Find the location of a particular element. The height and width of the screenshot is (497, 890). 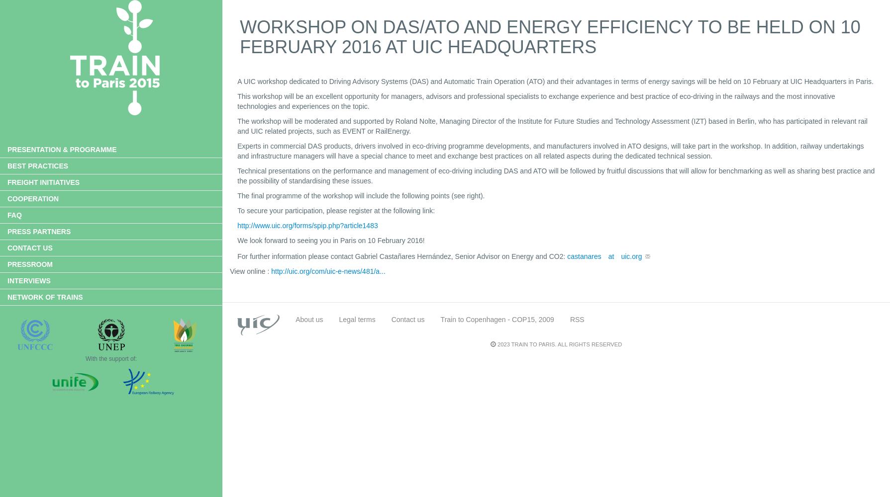

'Interviews' is located at coordinates (28, 280).